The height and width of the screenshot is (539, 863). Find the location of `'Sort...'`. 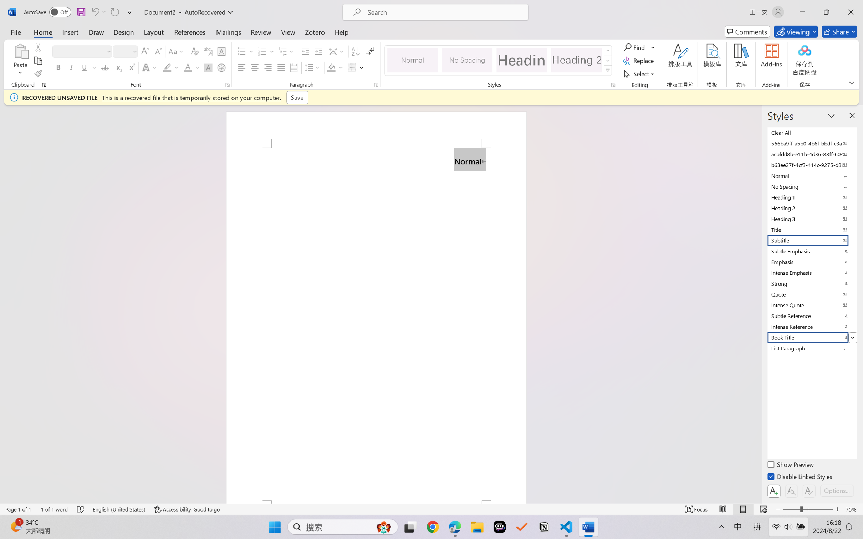

'Sort...' is located at coordinates (355, 51).